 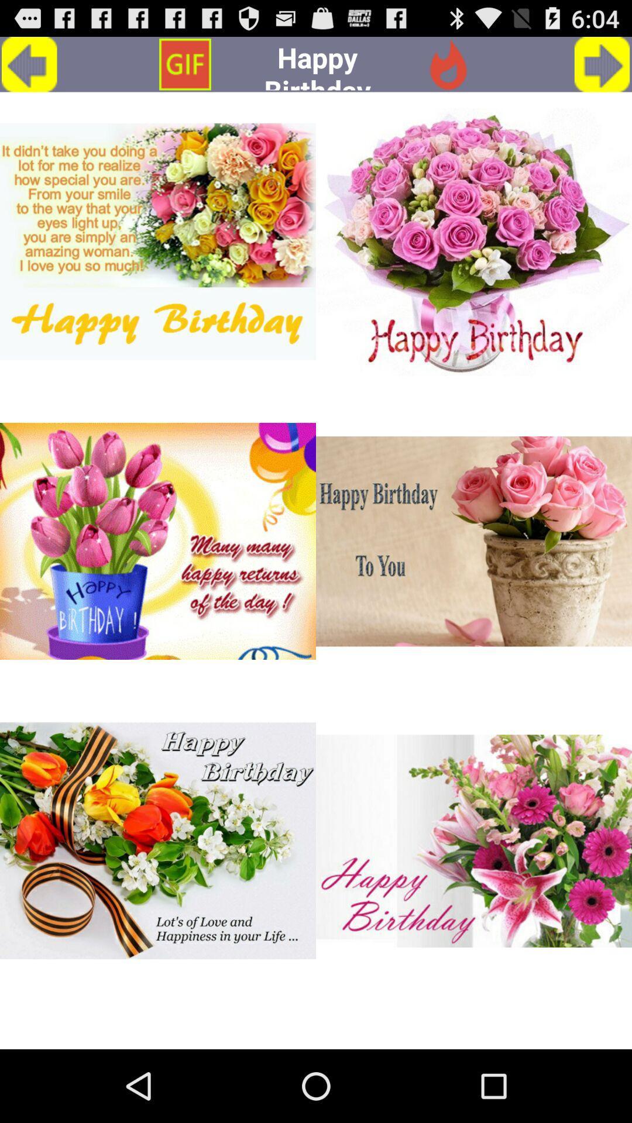 What do you see at coordinates (448, 68) in the screenshot?
I see `the star icon` at bounding box center [448, 68].